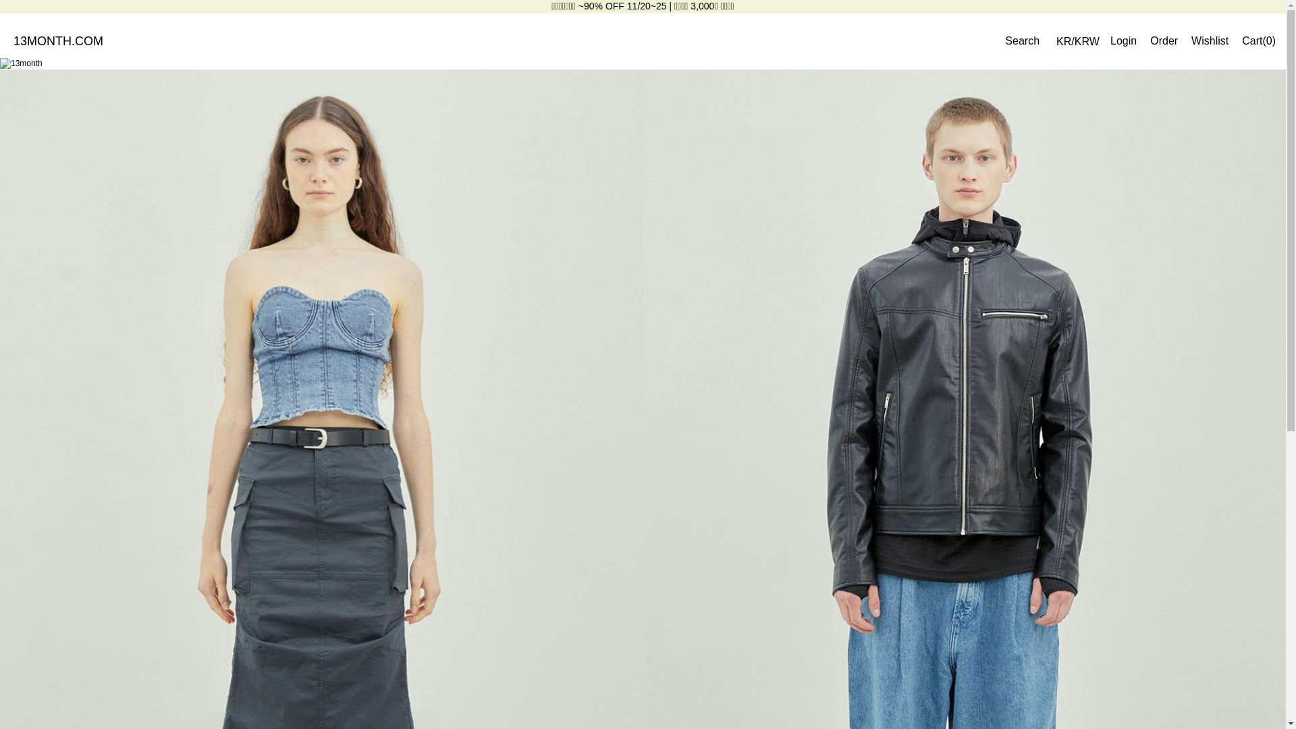 The image size is (1296, 729). Describe the element at coordinates (1123, 40) in the screenshot. I see `'Login'` at that location.